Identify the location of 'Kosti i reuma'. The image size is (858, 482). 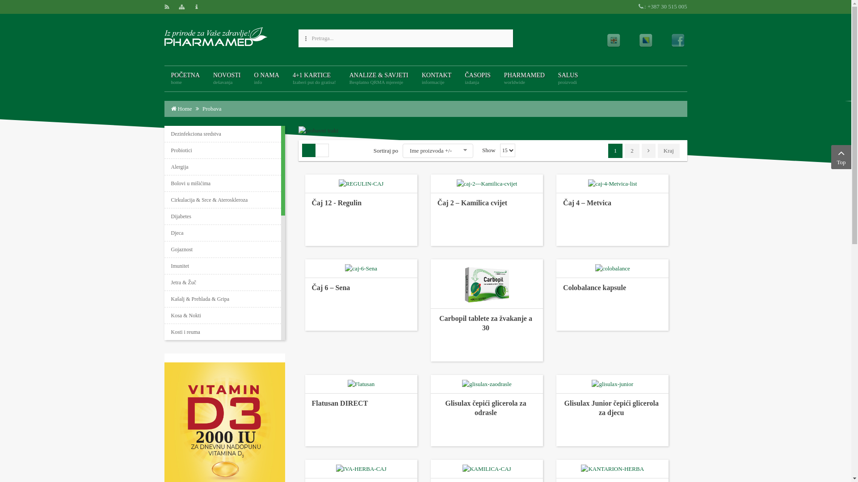
(223, 332).